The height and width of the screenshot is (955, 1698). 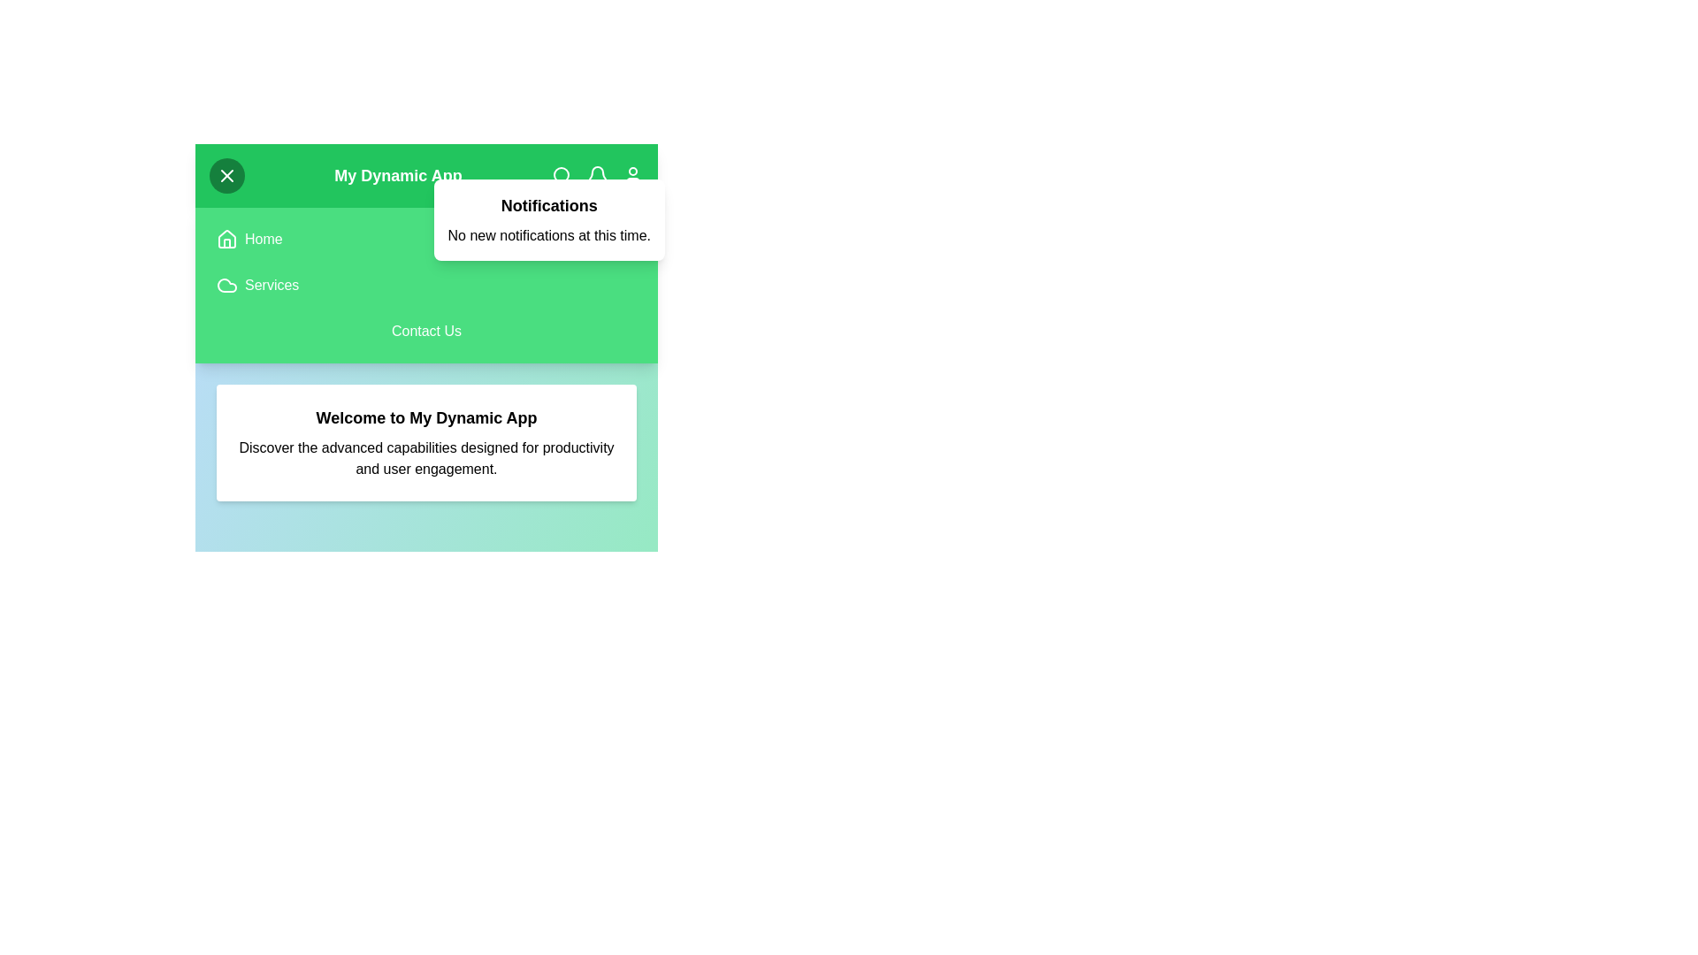 What do you see at coordinates (263, 239) in the screenshot?
I see `the navigation button Home to navigate to the corresponding section` at bounding box center [263, 239].